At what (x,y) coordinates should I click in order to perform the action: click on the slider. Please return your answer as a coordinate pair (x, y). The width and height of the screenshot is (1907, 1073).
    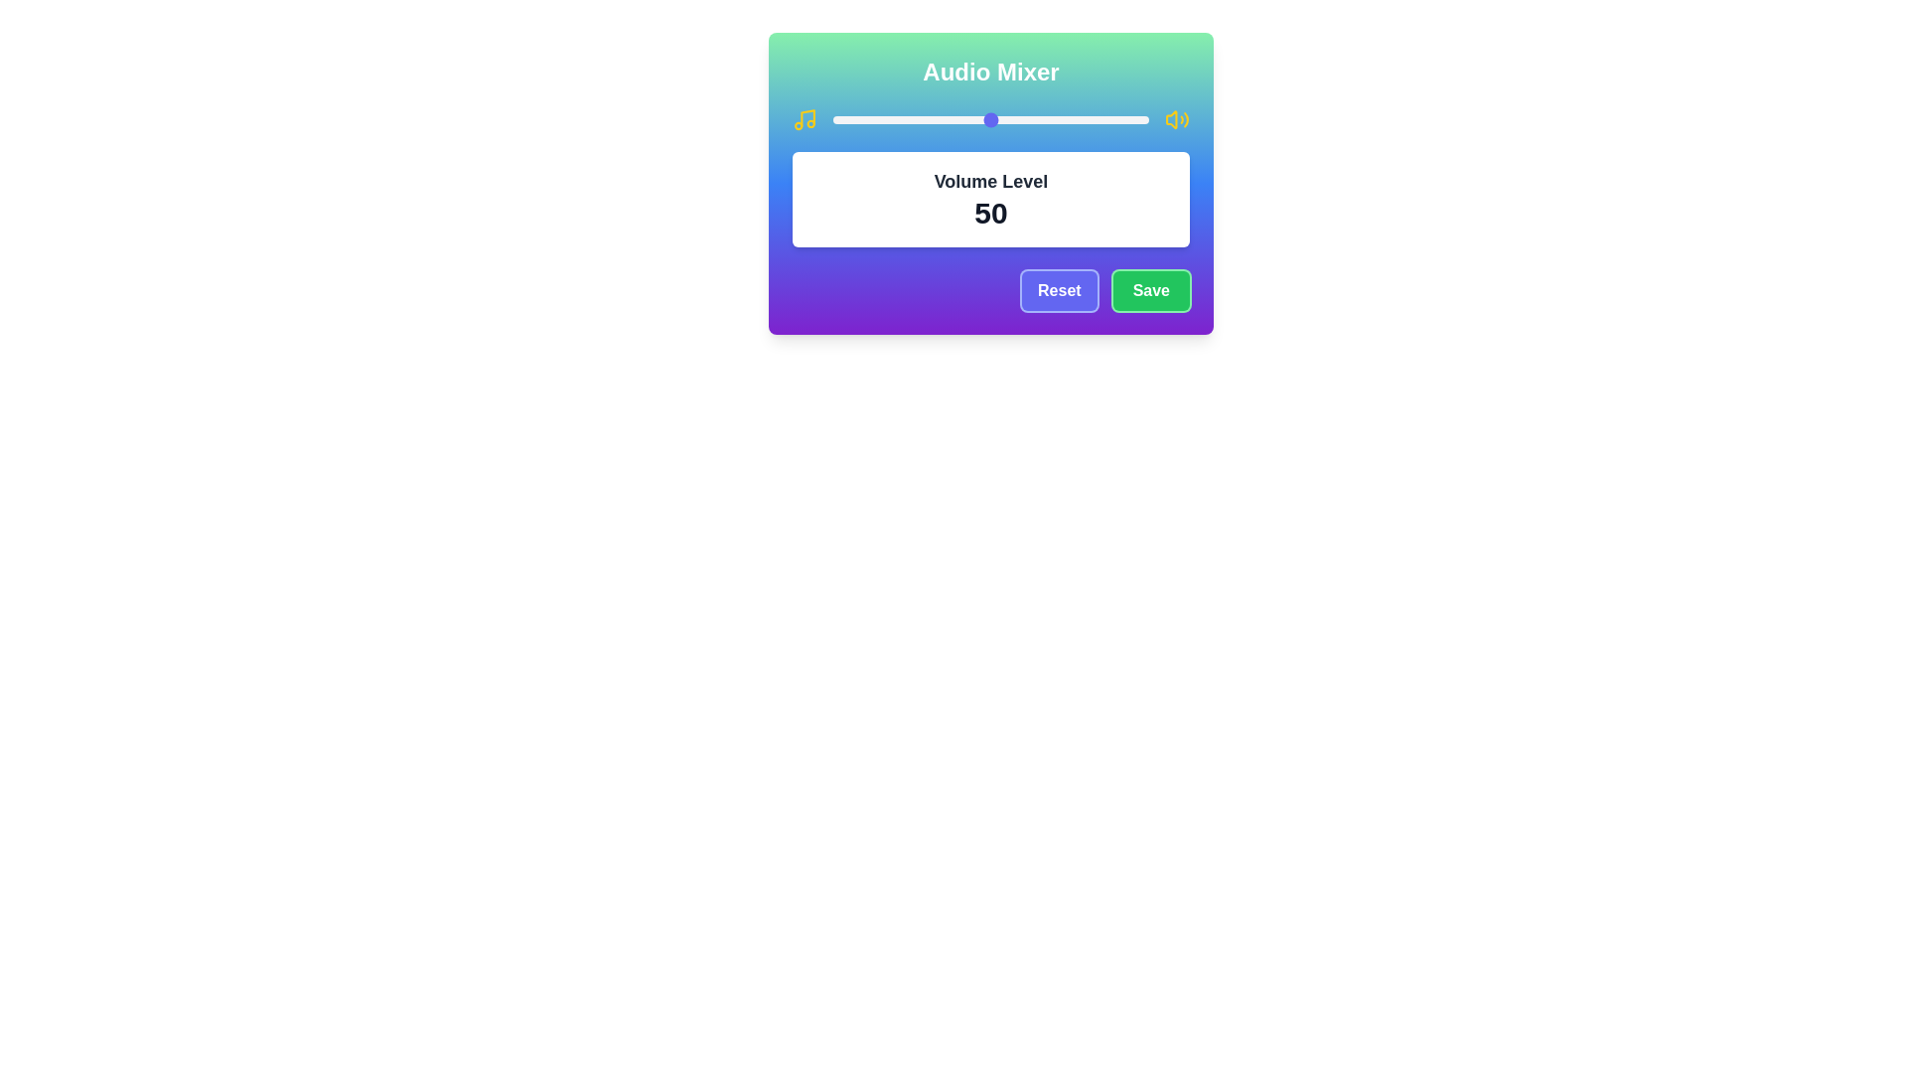
    Looking at the image, I should click on (1009, 119).